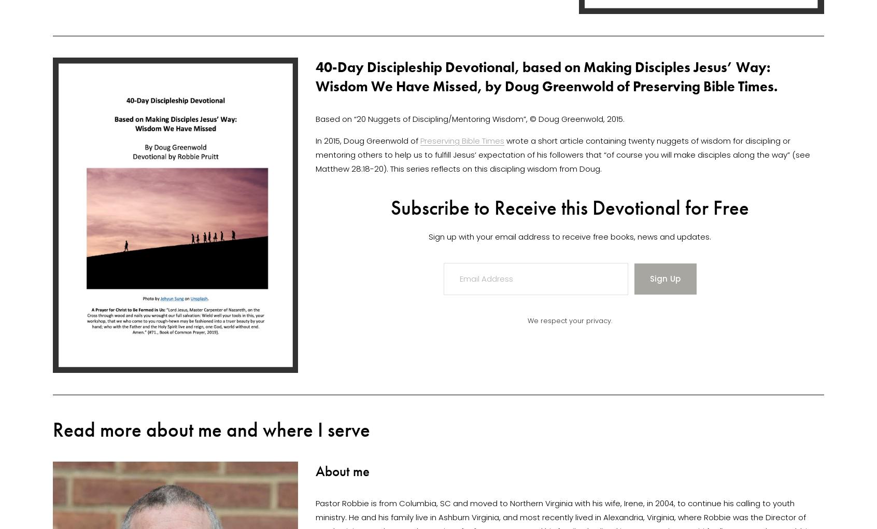 This screenshot has width=877, height=529. I want to click on 'Subscribe to Receive this Devotional for Free', so click(570, 207).